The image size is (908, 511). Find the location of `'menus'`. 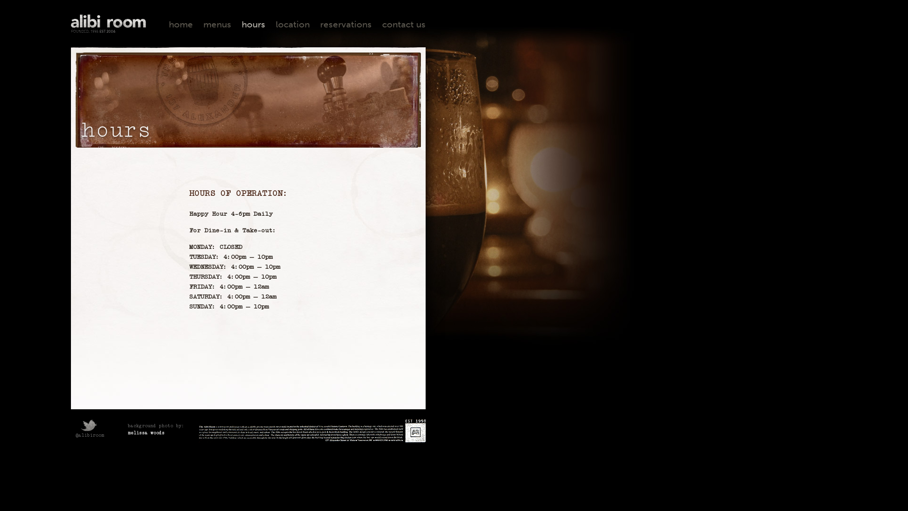

'menus' is located at coordinates (217, 24).